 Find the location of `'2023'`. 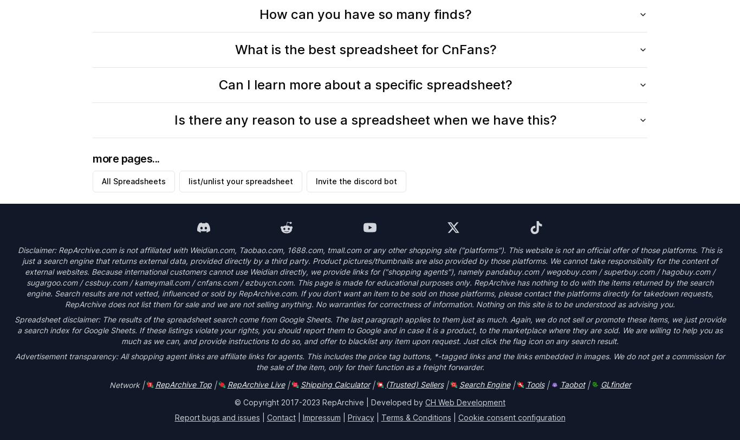

'2023' is located at coordinates (310, 402).